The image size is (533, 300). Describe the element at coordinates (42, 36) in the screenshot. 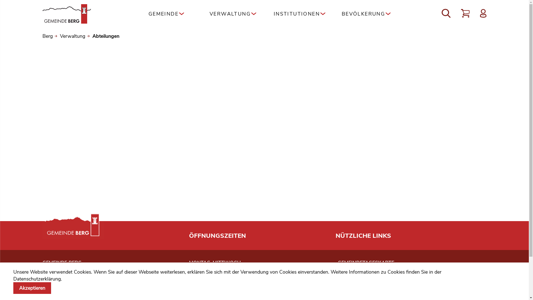

I see `'Berg'` at that location.